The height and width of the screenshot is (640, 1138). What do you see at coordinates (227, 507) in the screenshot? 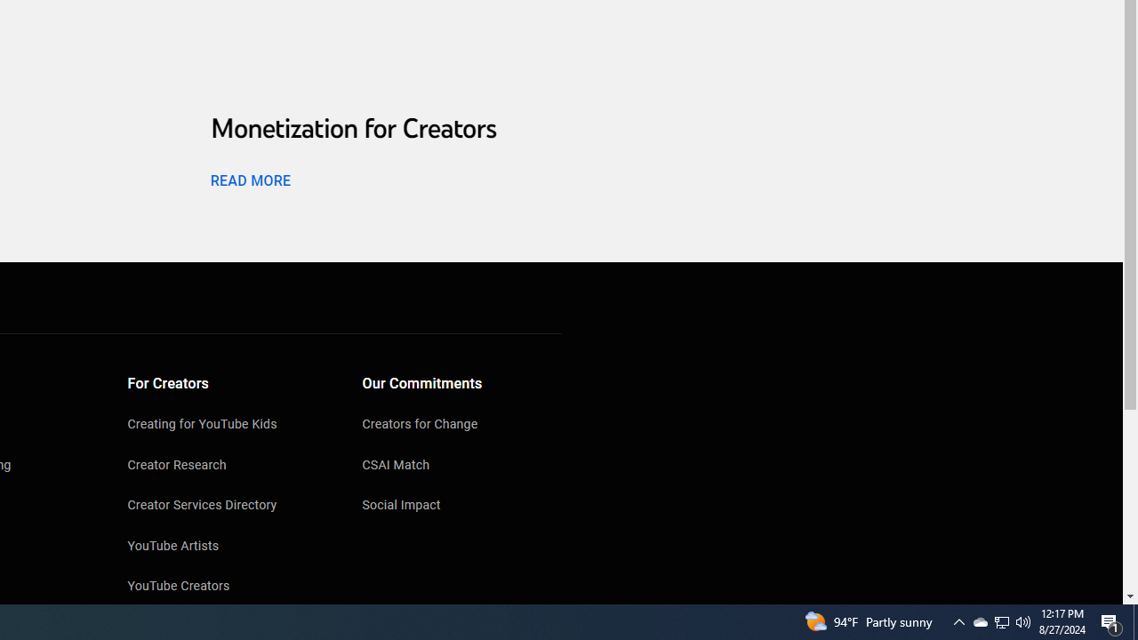
I see `'Creator Services Directory'` at bounding box center [227, 507].